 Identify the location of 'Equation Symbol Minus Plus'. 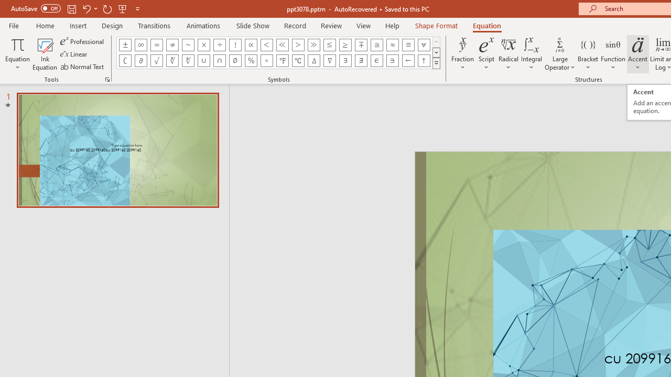
(361, 45).